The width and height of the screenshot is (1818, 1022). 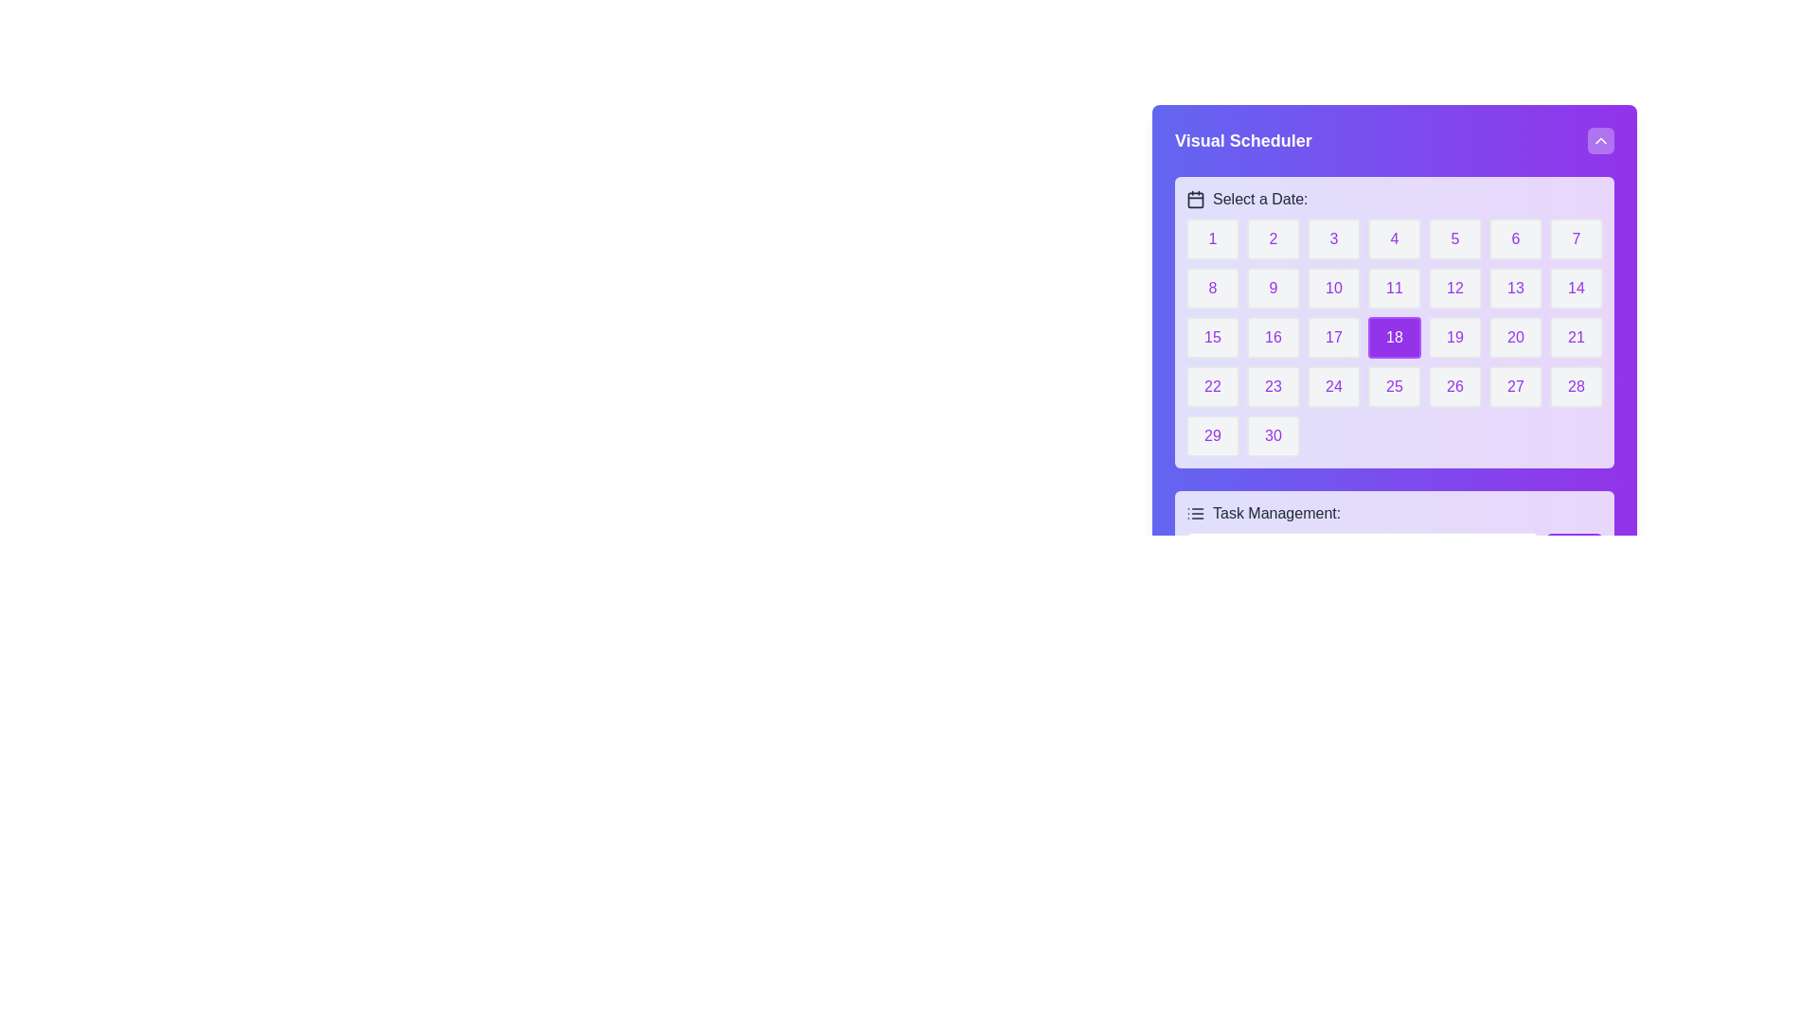 What do you see at coordinates (1516, 385) in the screenshot?
I see `the small rectangular button with a light gray background and purple text '27' in the 'Visual Scheduler' section` at bounding box center [1516, 385].